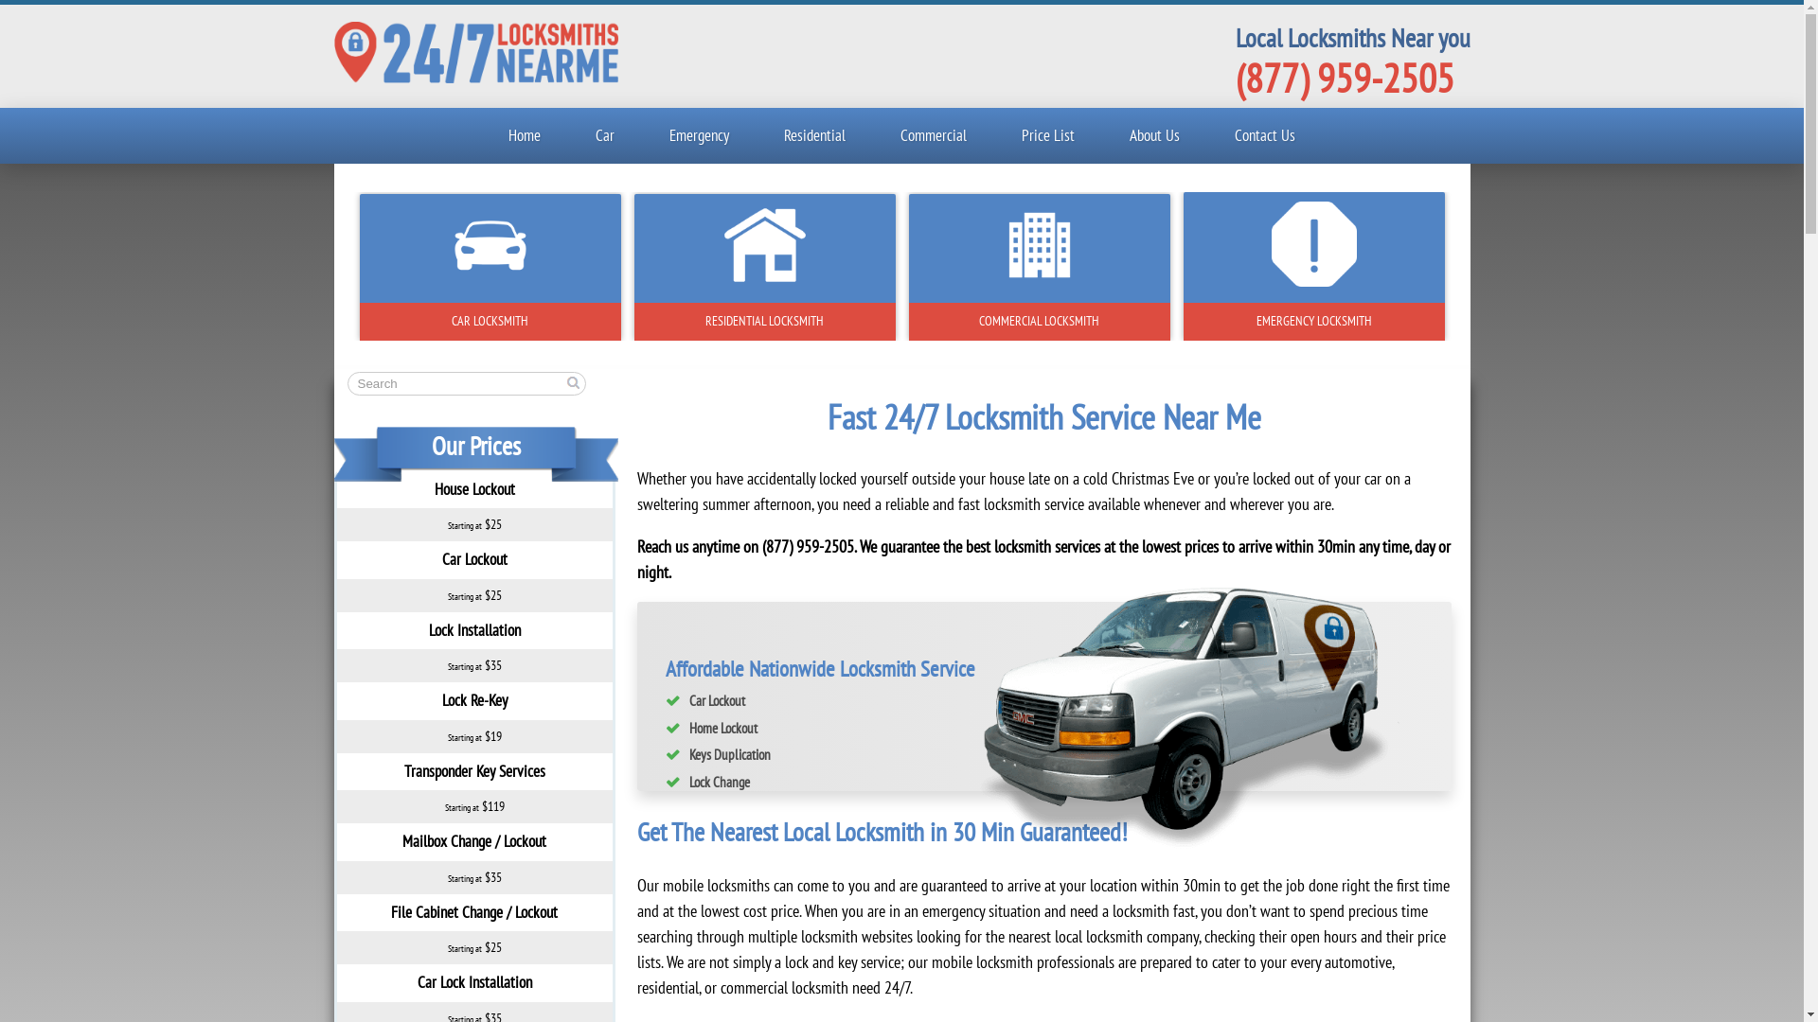  I want to click on 'Mailbox Change / Lockout', so click(401, 839).